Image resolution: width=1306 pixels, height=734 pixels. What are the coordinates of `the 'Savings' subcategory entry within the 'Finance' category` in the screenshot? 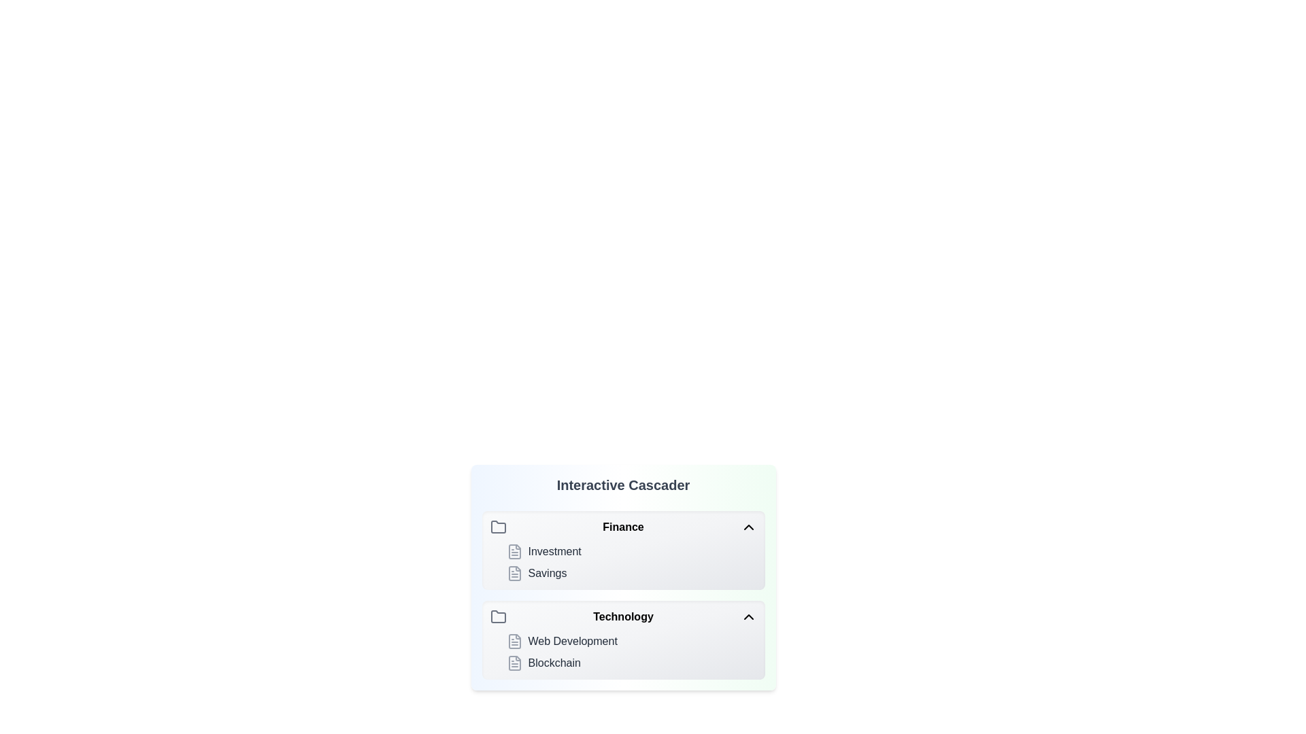 It's located at (631, 574).